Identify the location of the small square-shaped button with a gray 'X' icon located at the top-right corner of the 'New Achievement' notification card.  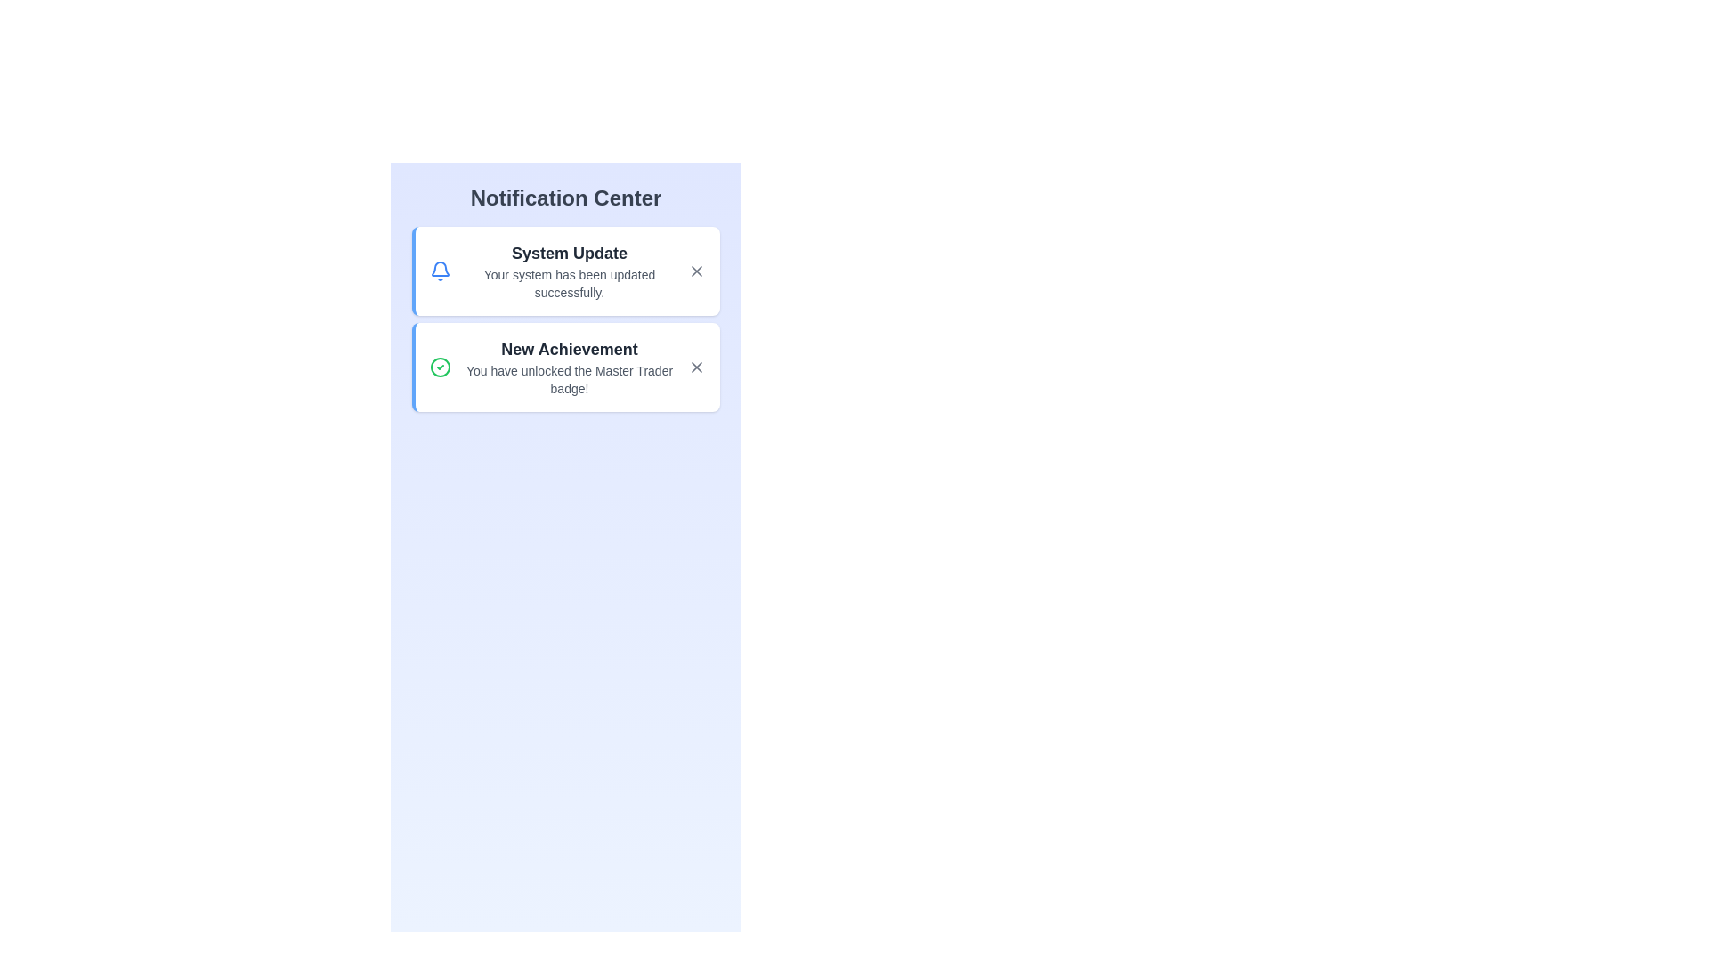
(695, 366).